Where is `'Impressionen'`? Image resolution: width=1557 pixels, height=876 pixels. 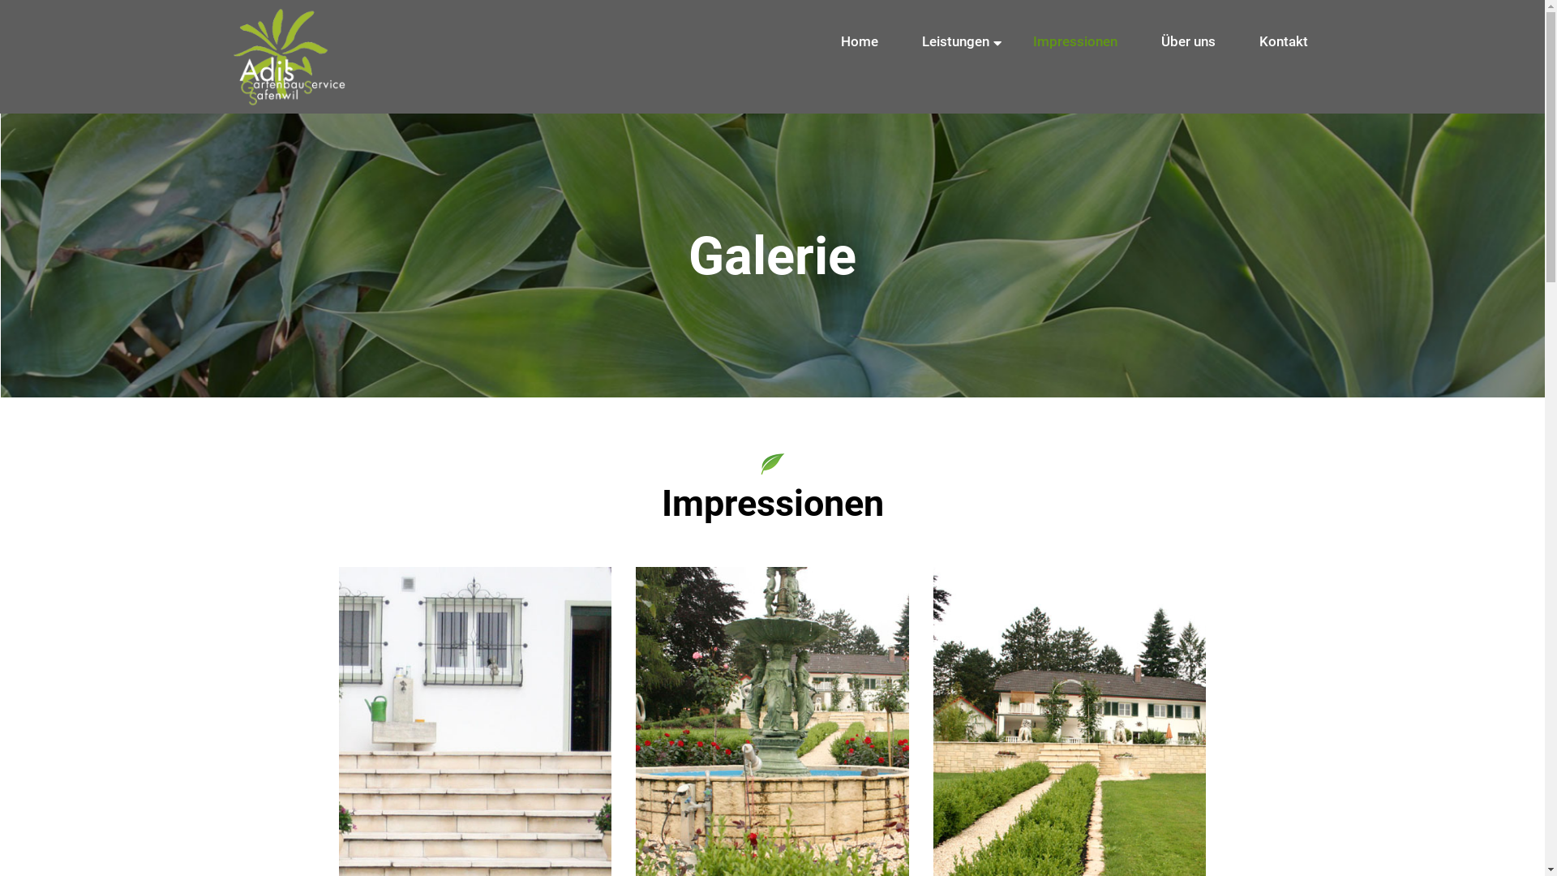 'Impressionen' is located at coordinates (1074, 41).